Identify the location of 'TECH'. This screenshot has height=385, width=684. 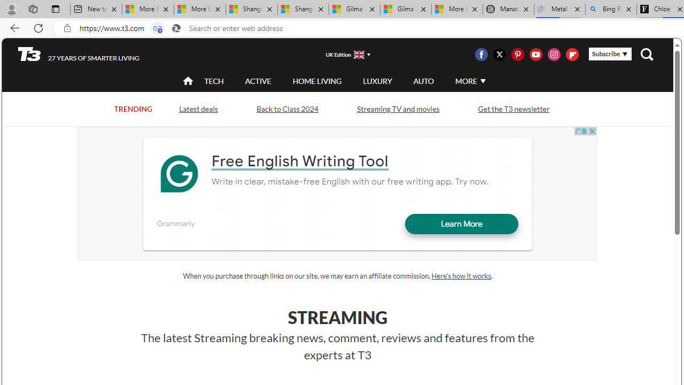
(214, 80).